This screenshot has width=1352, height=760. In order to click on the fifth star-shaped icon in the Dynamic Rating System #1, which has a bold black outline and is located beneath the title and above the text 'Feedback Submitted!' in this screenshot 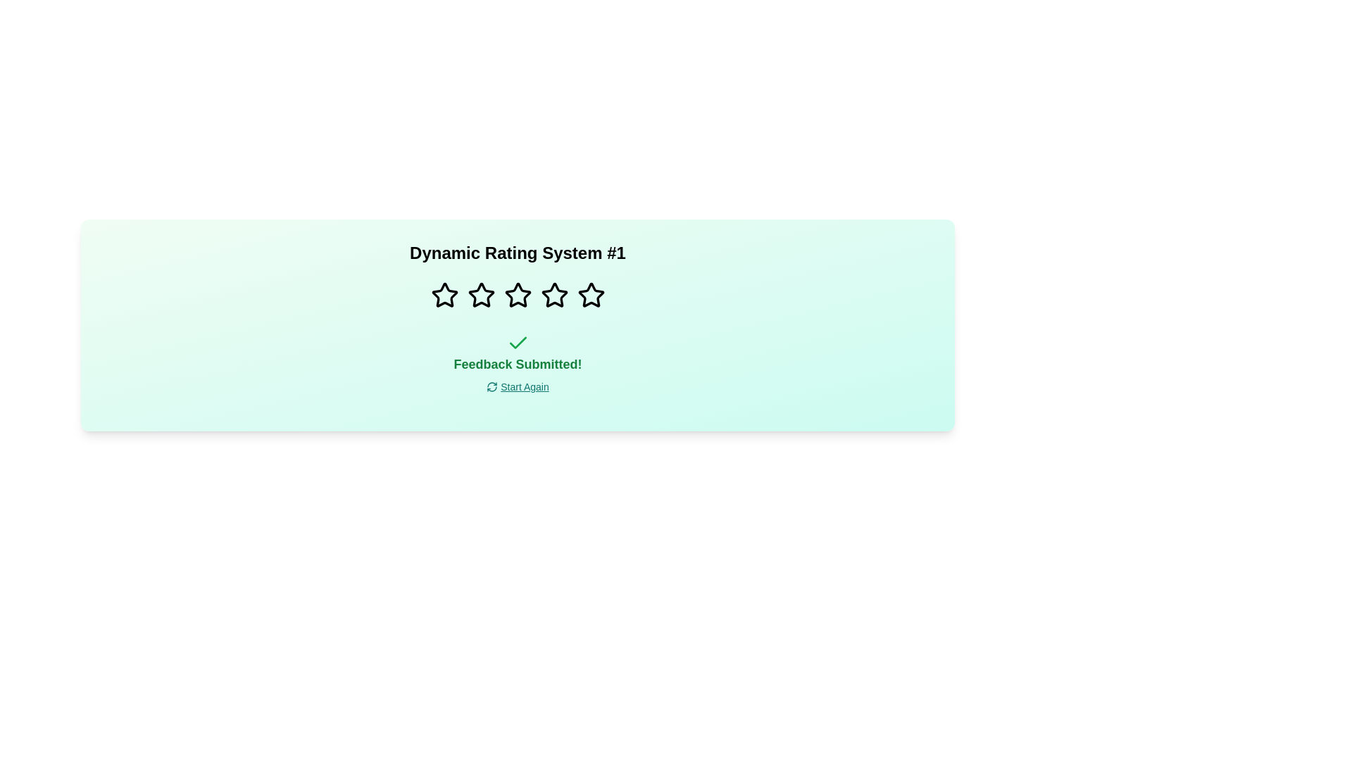, I will do `click(591, 294)`.